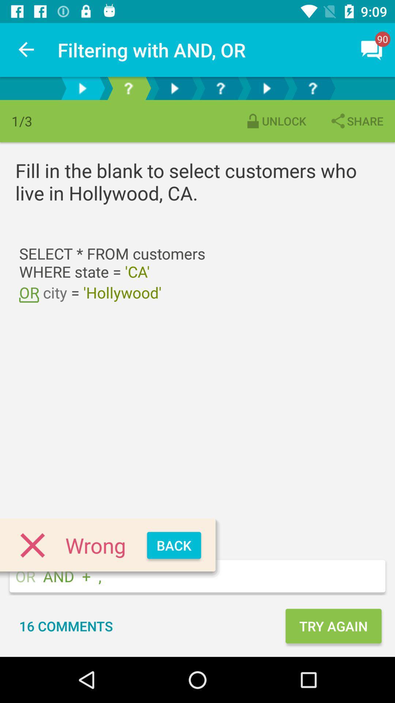  What do you see at coordinates (66, 625) in the screenshot?
I see `item to the left of try again icon` at bounding box center [66, 625].